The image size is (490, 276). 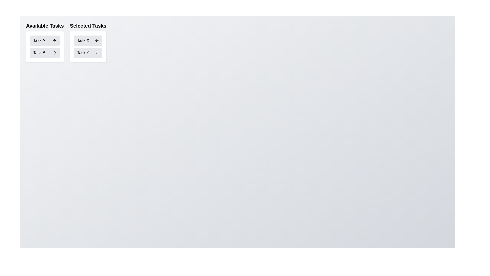 What do you see at coordinates (54, 40) in the screenshot?
I see `arrow button next to the task 'Task A' in the 'Available Tasks' list to transfer it to the 'Selected Tasks' list` at bounding box center [54, 40].